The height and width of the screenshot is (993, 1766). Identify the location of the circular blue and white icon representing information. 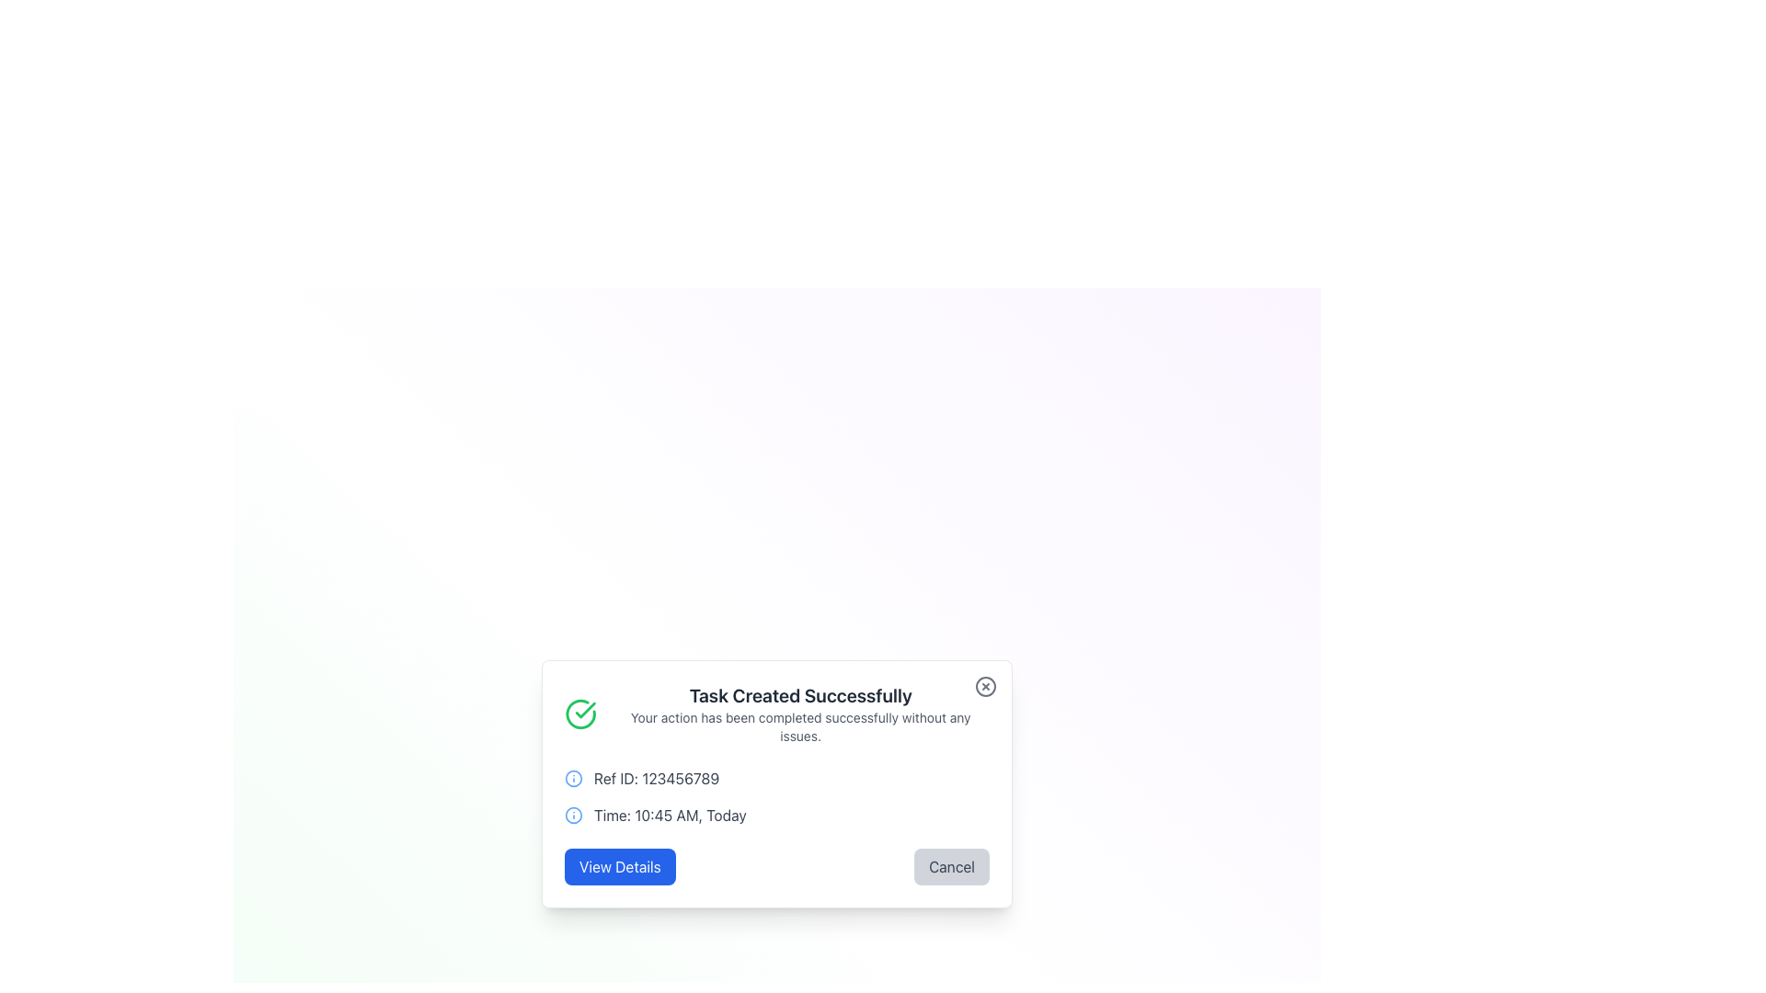
(573, 779).